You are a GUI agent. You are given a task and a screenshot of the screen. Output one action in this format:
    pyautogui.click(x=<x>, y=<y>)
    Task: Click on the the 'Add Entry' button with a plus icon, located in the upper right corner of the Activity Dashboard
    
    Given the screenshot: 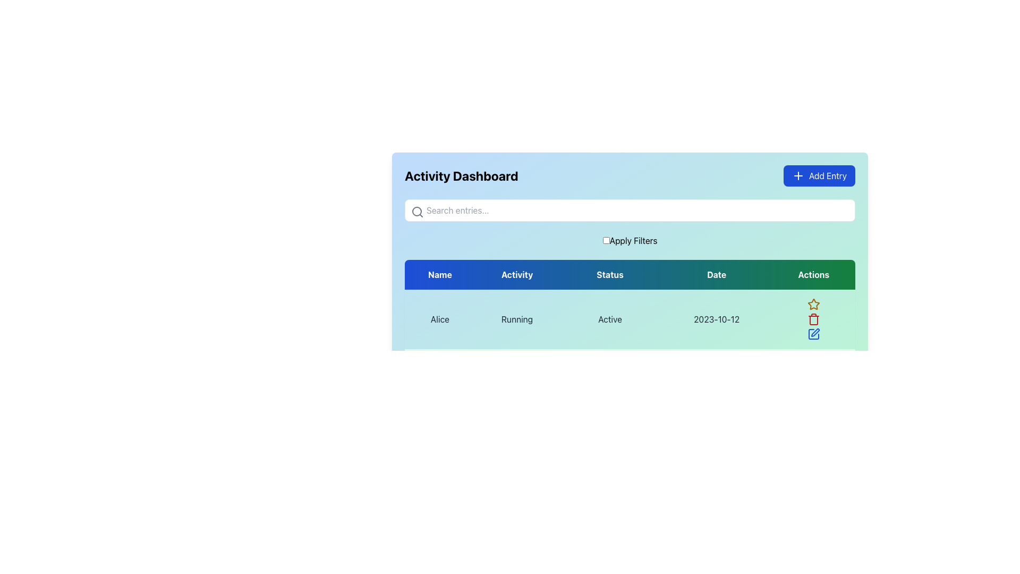 What is the action you would take?
    pyautogui.click(x=819, y=175)
    